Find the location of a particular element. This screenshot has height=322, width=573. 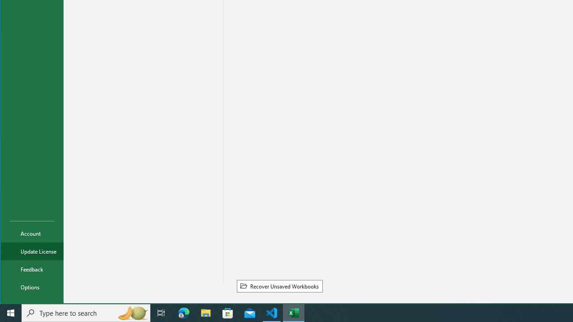

'Visual Studio Code - 1 running window' is located at coordinates (271, 312).